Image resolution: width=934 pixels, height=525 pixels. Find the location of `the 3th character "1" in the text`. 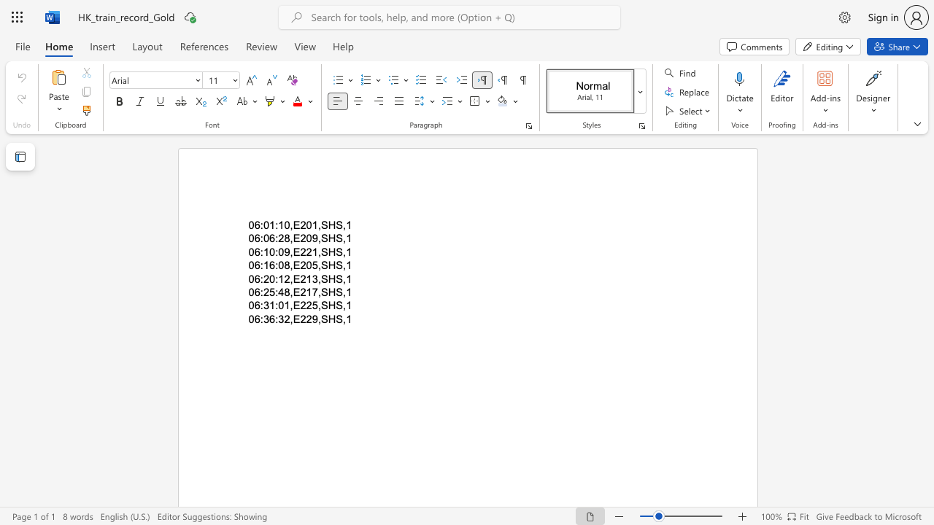

the 3th character "1" in the text is located at coordinates (314, 225).